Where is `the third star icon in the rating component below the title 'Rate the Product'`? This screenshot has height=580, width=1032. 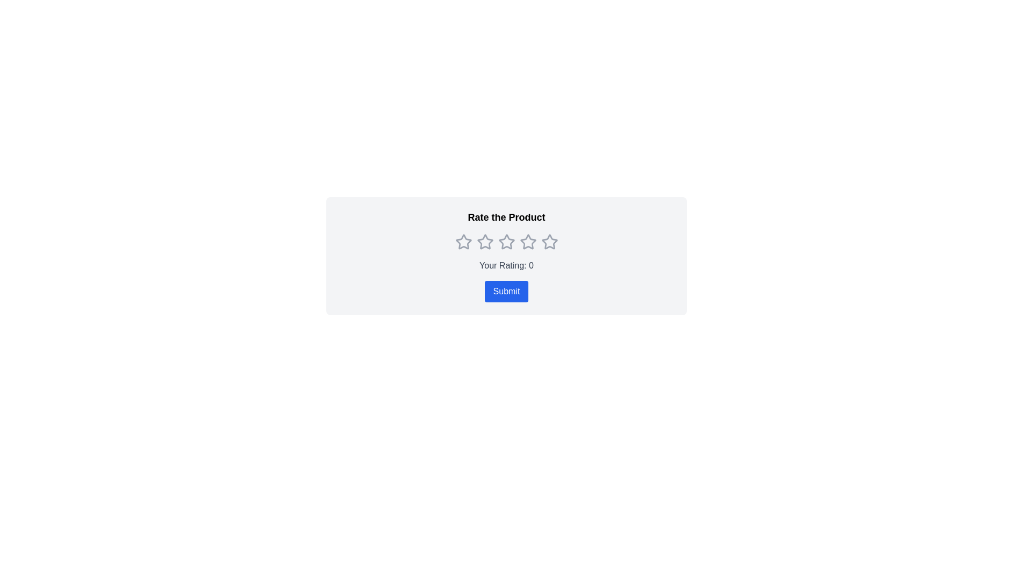 the third star icon in the rating component below the title 'Rate the Product' is located at coordinates (528, 242).